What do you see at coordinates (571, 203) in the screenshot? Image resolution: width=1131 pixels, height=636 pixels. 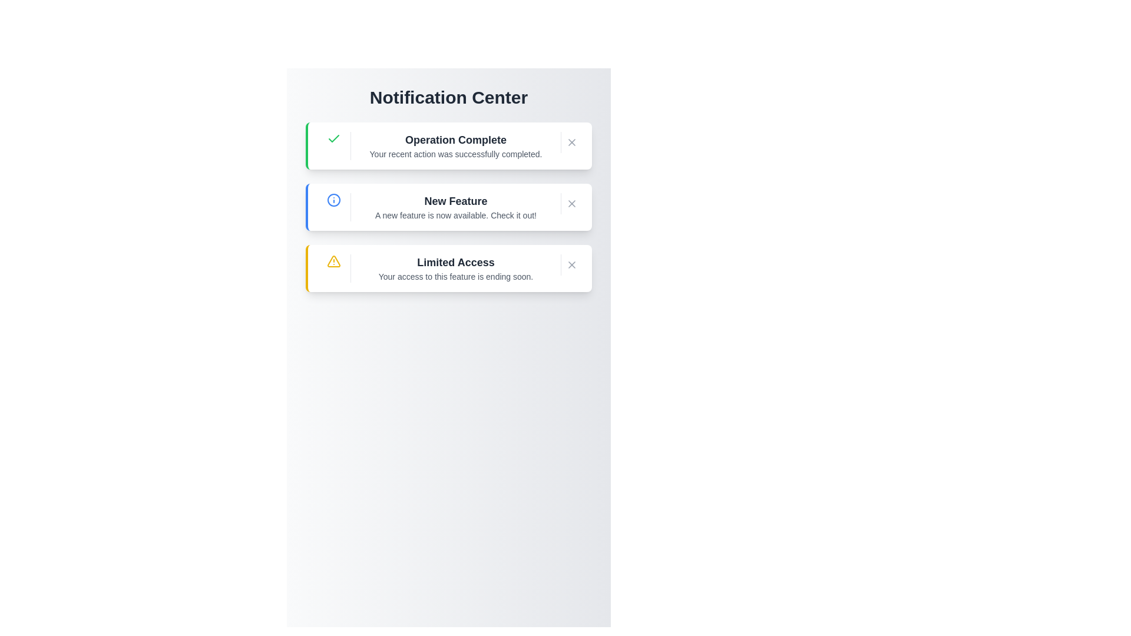 I see `the small circular close button with an 'X' icon located at the top-right corner of the notification box for 'New Feature'` at bounding box center [571, 203].